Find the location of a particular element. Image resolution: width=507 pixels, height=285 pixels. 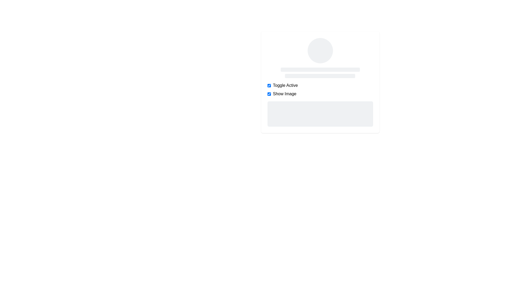

the descriptive label associated with the 'Toggle Active' checkbox, located at the top right of the form is located at coordinates (285, 85).